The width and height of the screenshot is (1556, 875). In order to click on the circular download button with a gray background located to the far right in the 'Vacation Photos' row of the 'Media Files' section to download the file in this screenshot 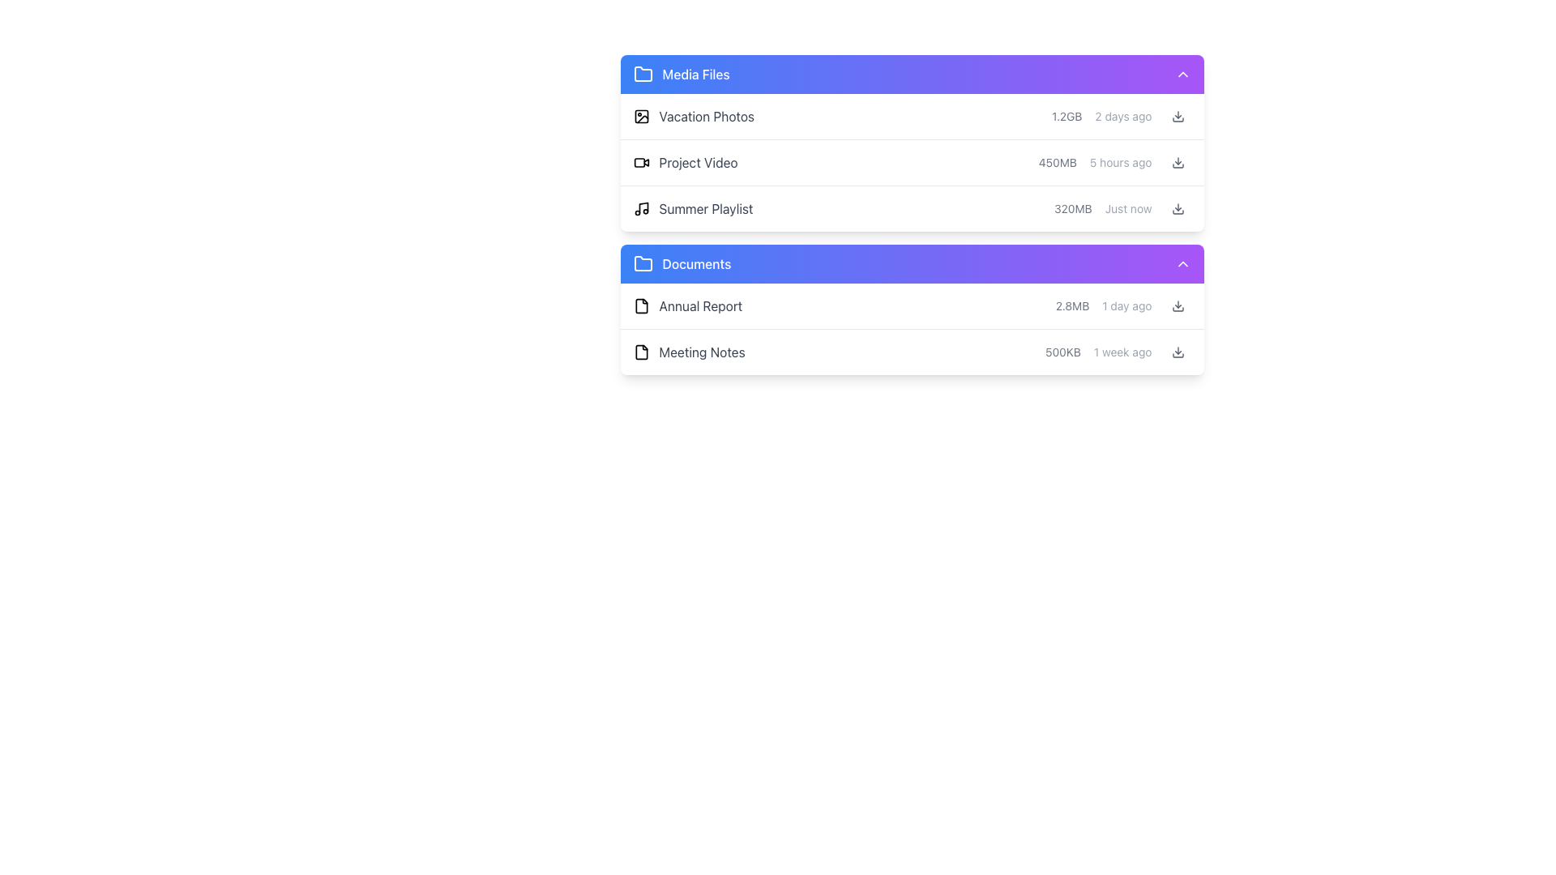, I will do `click(1178, 115)`.